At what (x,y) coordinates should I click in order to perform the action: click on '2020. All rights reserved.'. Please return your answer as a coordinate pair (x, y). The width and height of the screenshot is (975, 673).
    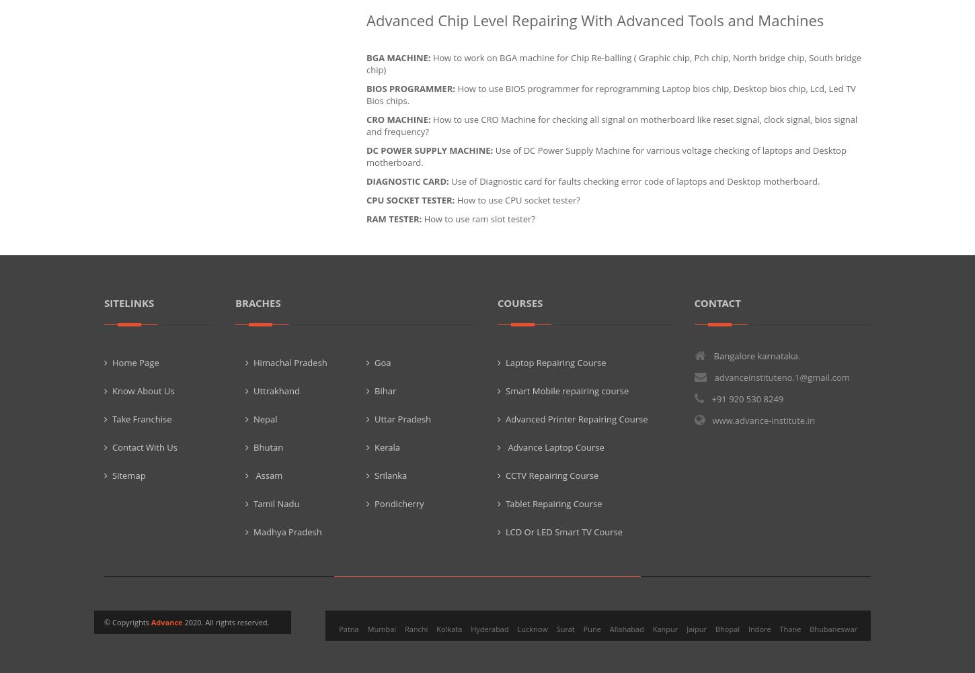
    Looking at the image, I should click on (225, 621).